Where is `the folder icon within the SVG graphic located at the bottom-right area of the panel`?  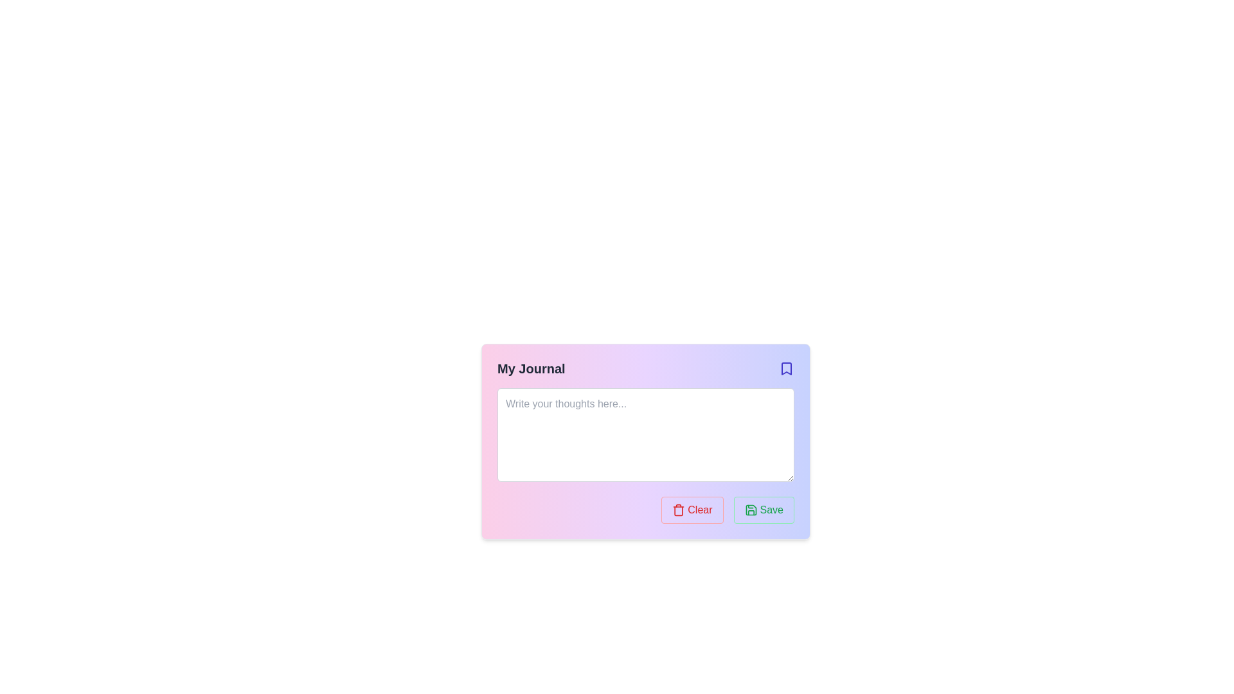 the folder icon within the SVG graphic located at the bottom-right area of the panel is located at coordinates (751, 510).